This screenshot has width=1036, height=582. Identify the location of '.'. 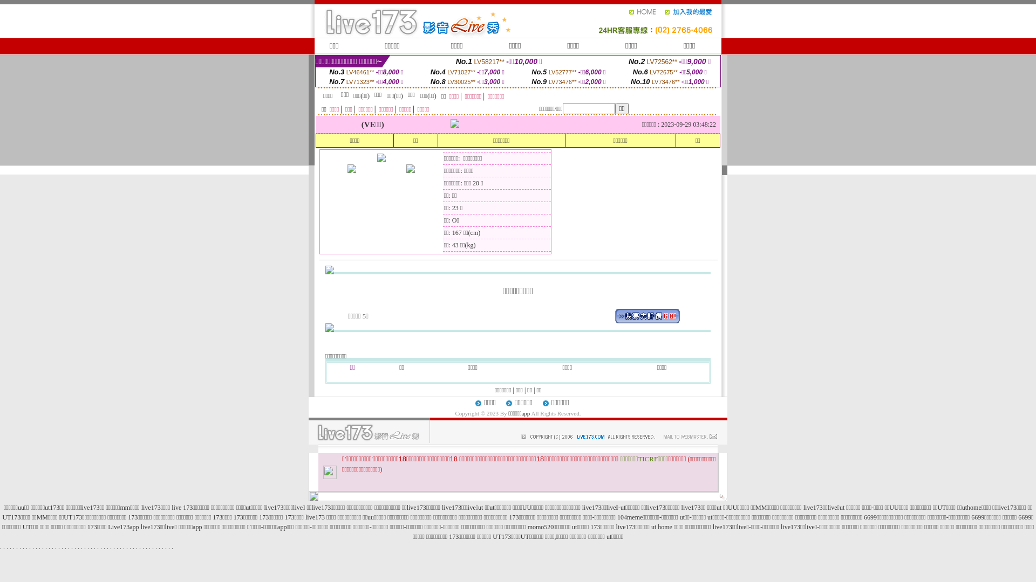
(114, 546).